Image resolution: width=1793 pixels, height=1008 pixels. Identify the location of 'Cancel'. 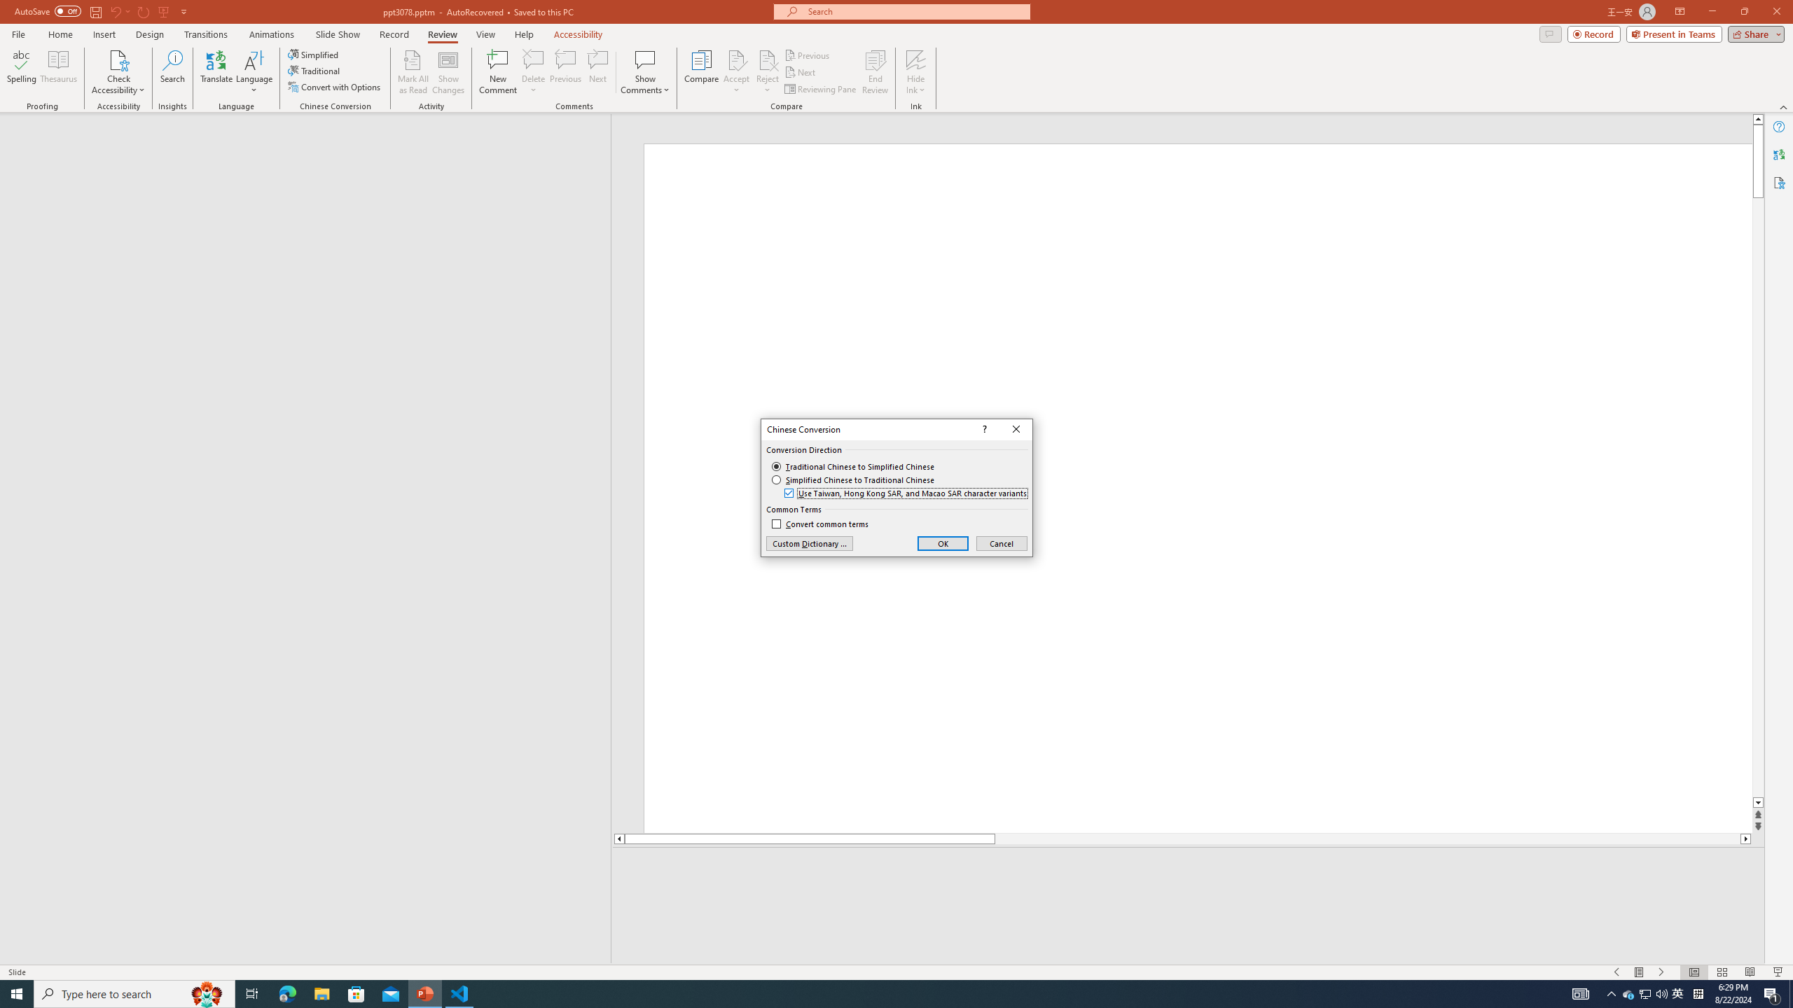
(1000, 542).